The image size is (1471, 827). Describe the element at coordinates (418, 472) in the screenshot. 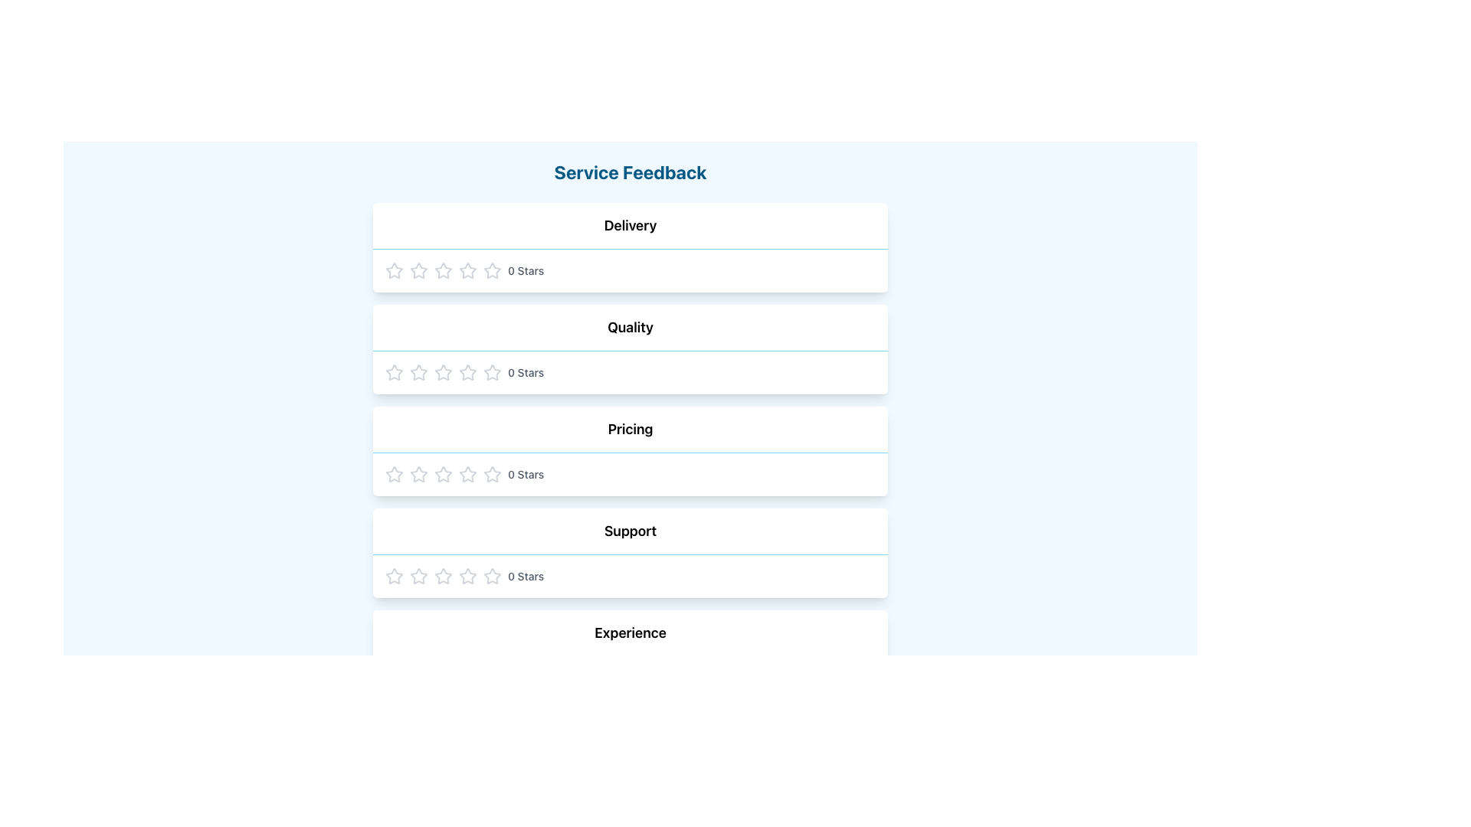

I see `the first star rating icon` at that location.